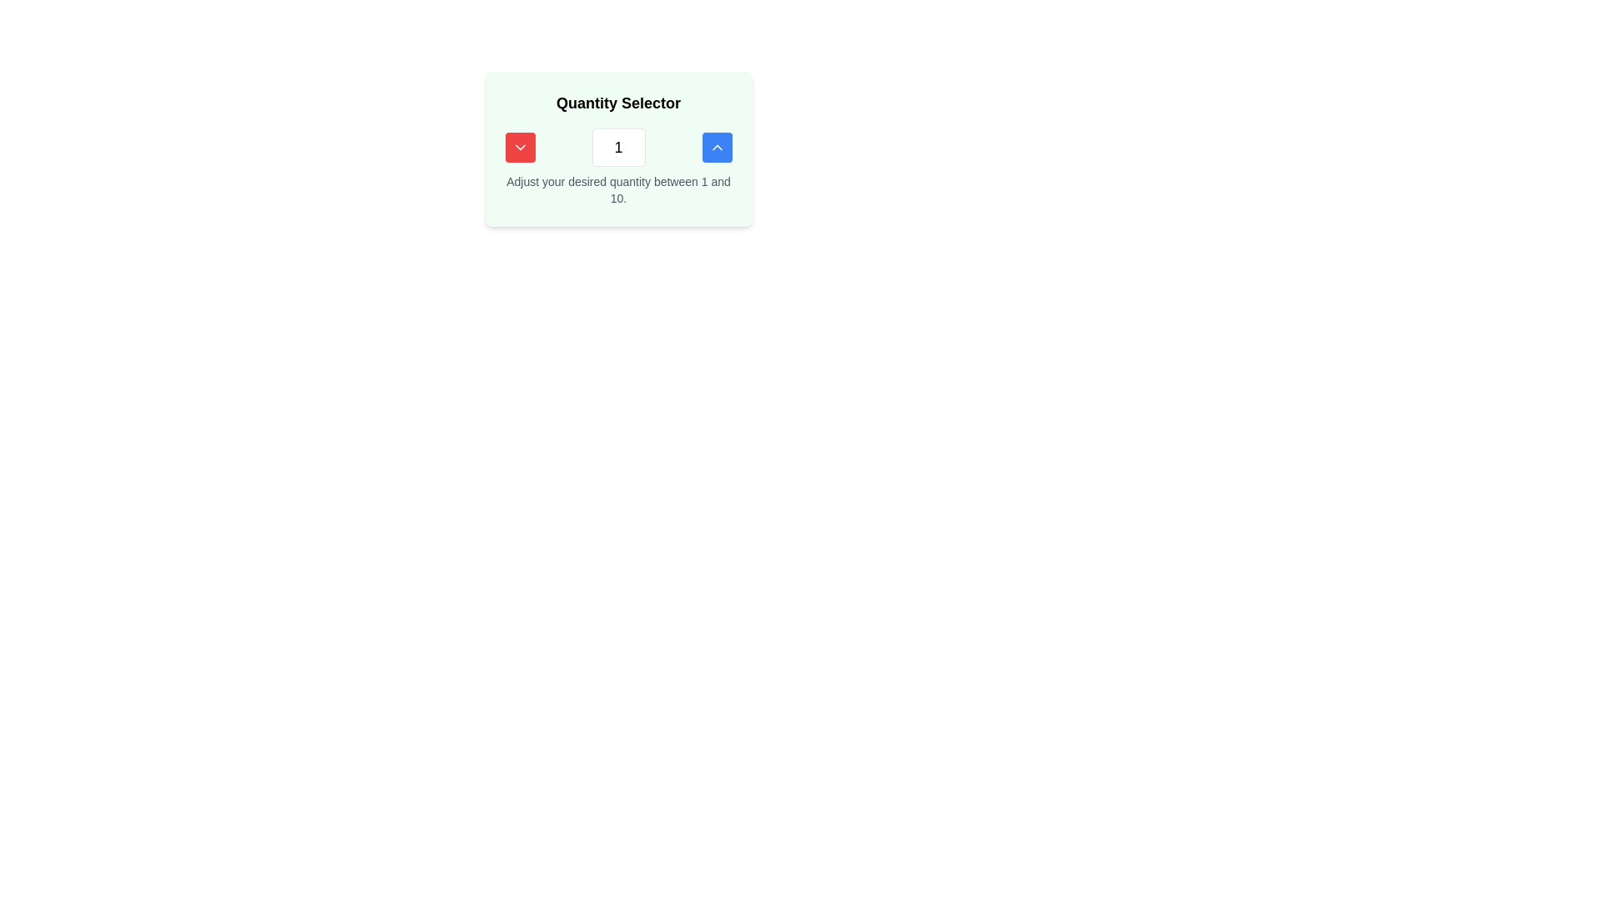 The width and height of the screenshot is (1602, 901). What do you see at coordinates (617, 189) in the screenshot?
I see `the static text label that instructs 'Adjust your desired quantity between 1 and 10.', located below the quantity selector interface` at bounding box center [617, 189].